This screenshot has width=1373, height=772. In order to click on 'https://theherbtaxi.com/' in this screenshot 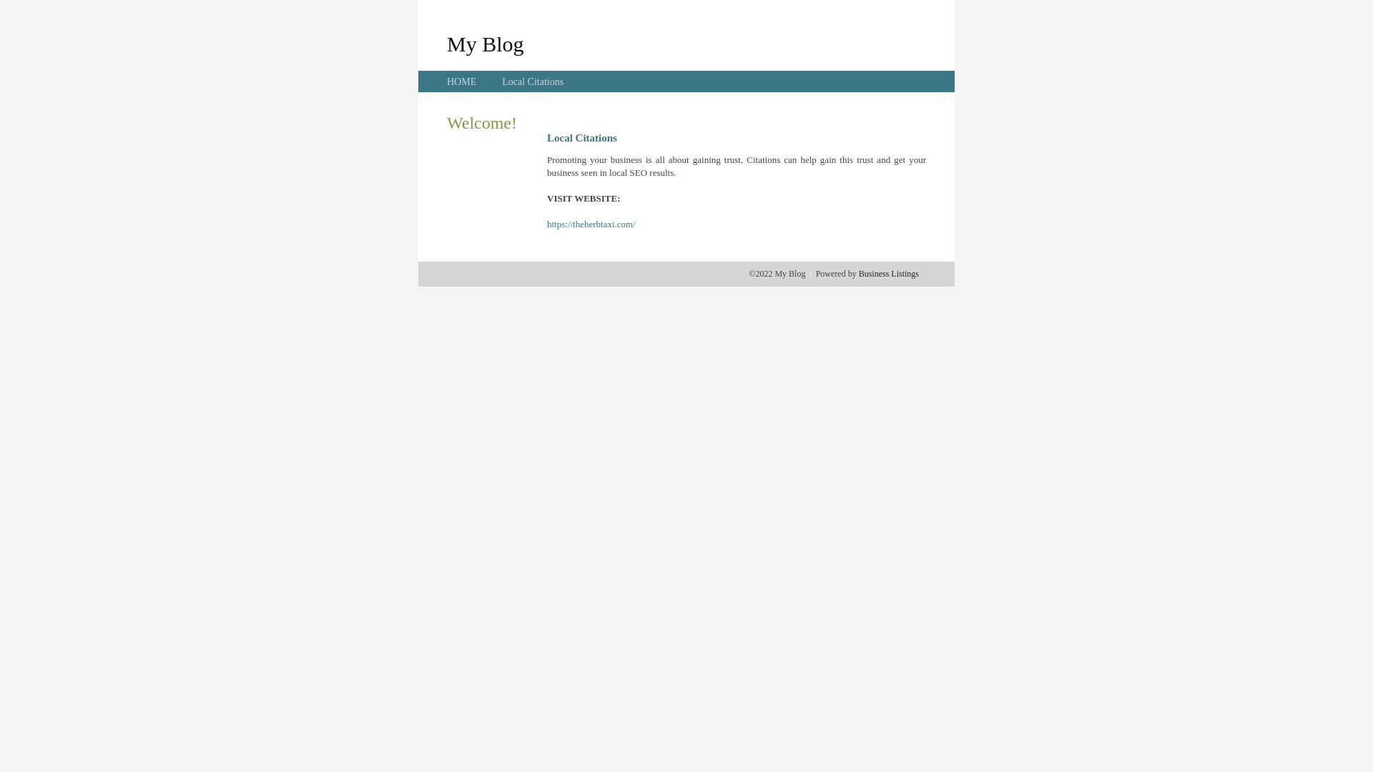, I will do `click(591, 224)`.